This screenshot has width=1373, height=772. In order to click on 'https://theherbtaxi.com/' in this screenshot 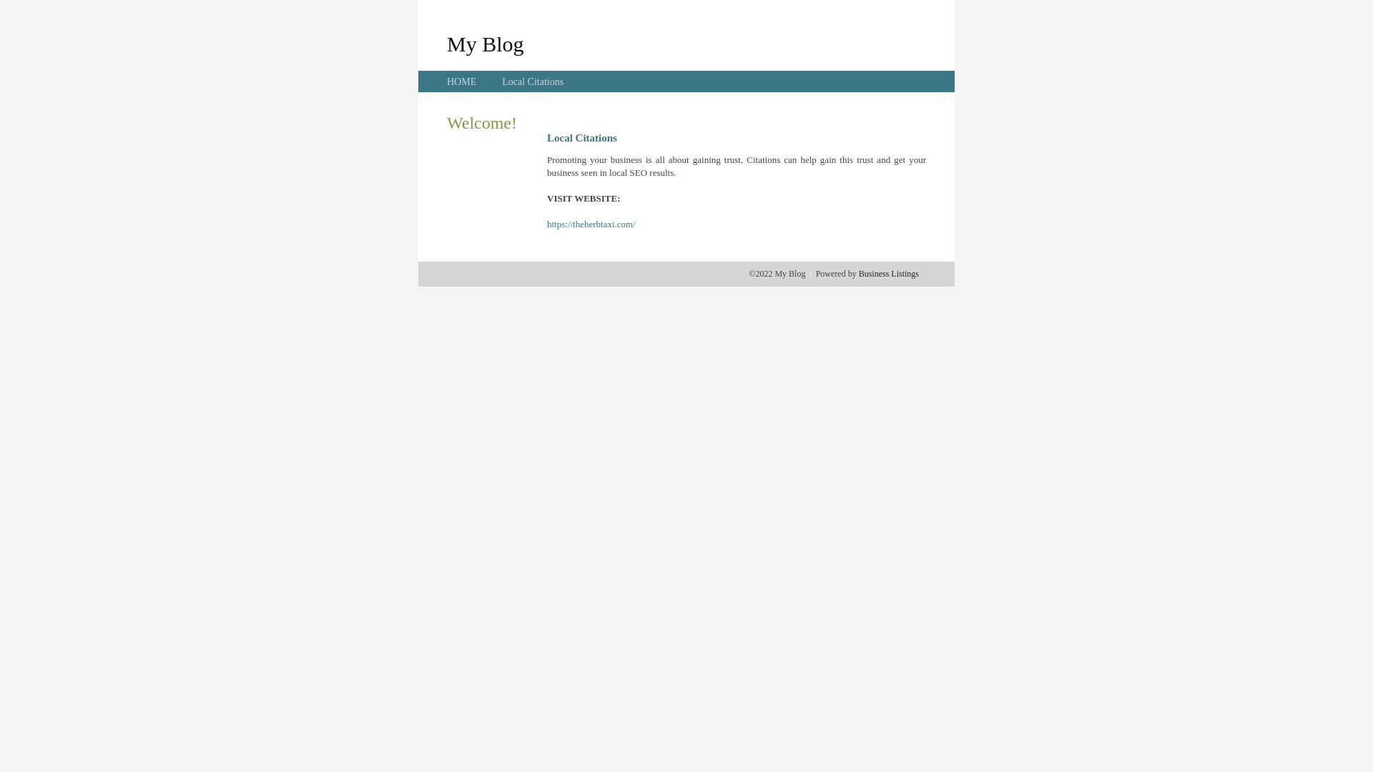, I will do `click(591, 224)`.